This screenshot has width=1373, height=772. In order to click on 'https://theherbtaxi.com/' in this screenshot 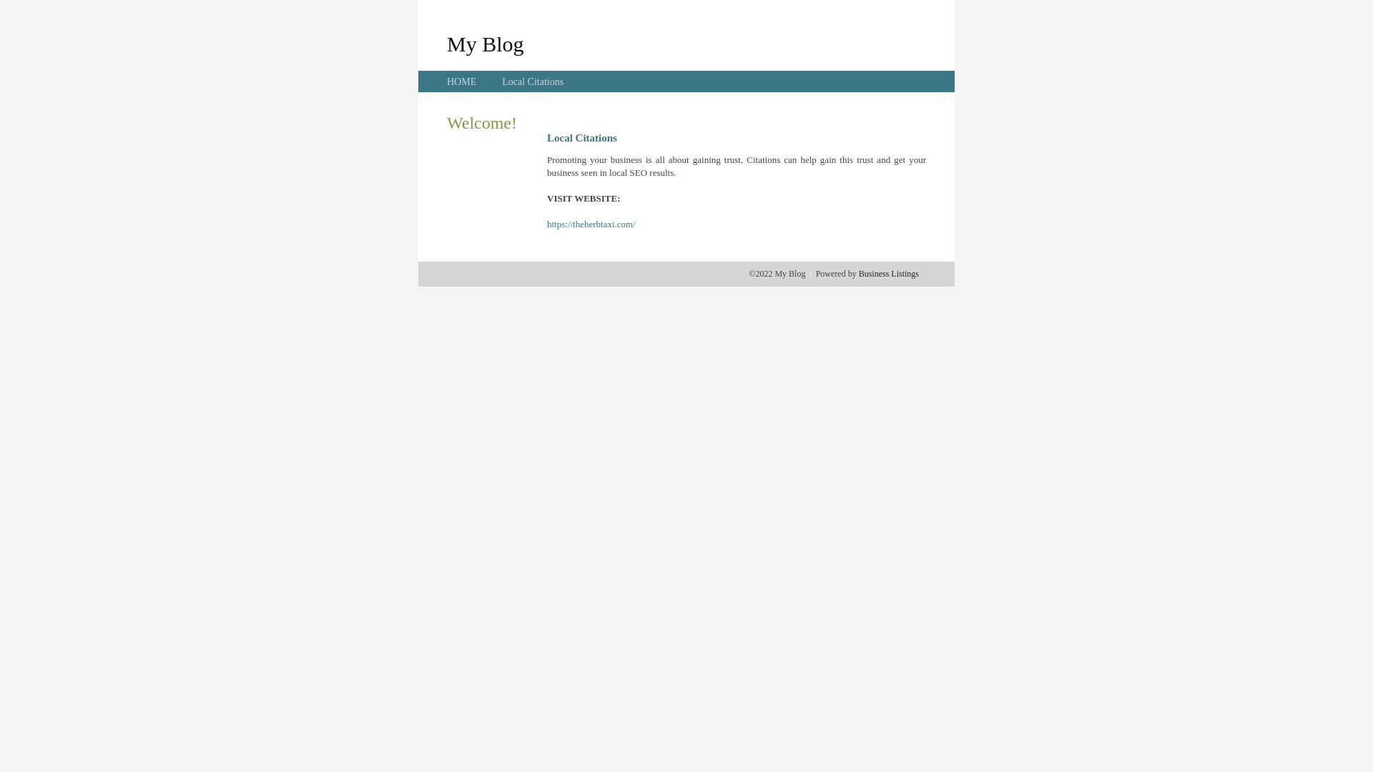, I will do `click(591, 224)`.